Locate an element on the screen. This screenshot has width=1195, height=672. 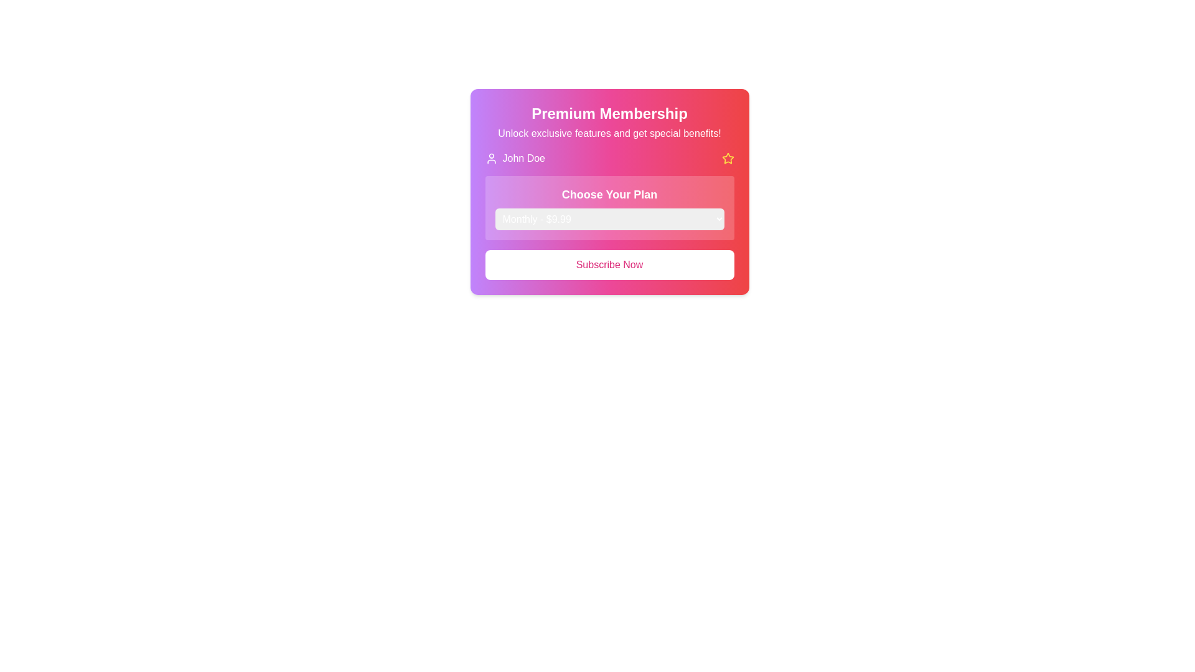
the membership plan dropdown within the Premium Membership card to change the selection is located at coordinates (609, 192).